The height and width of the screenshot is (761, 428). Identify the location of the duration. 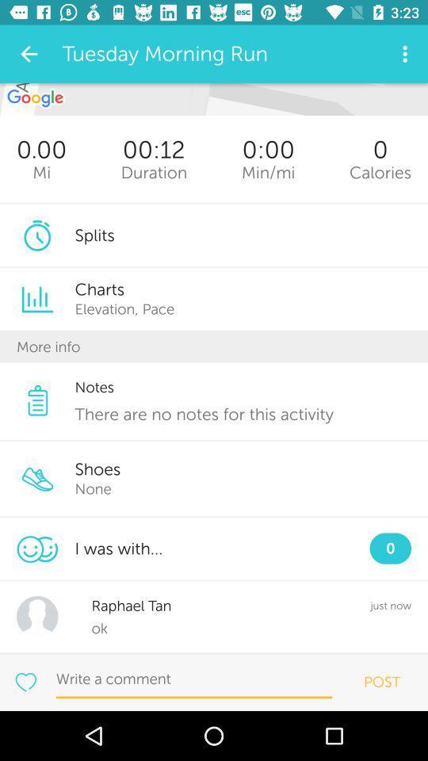
(154, 172).